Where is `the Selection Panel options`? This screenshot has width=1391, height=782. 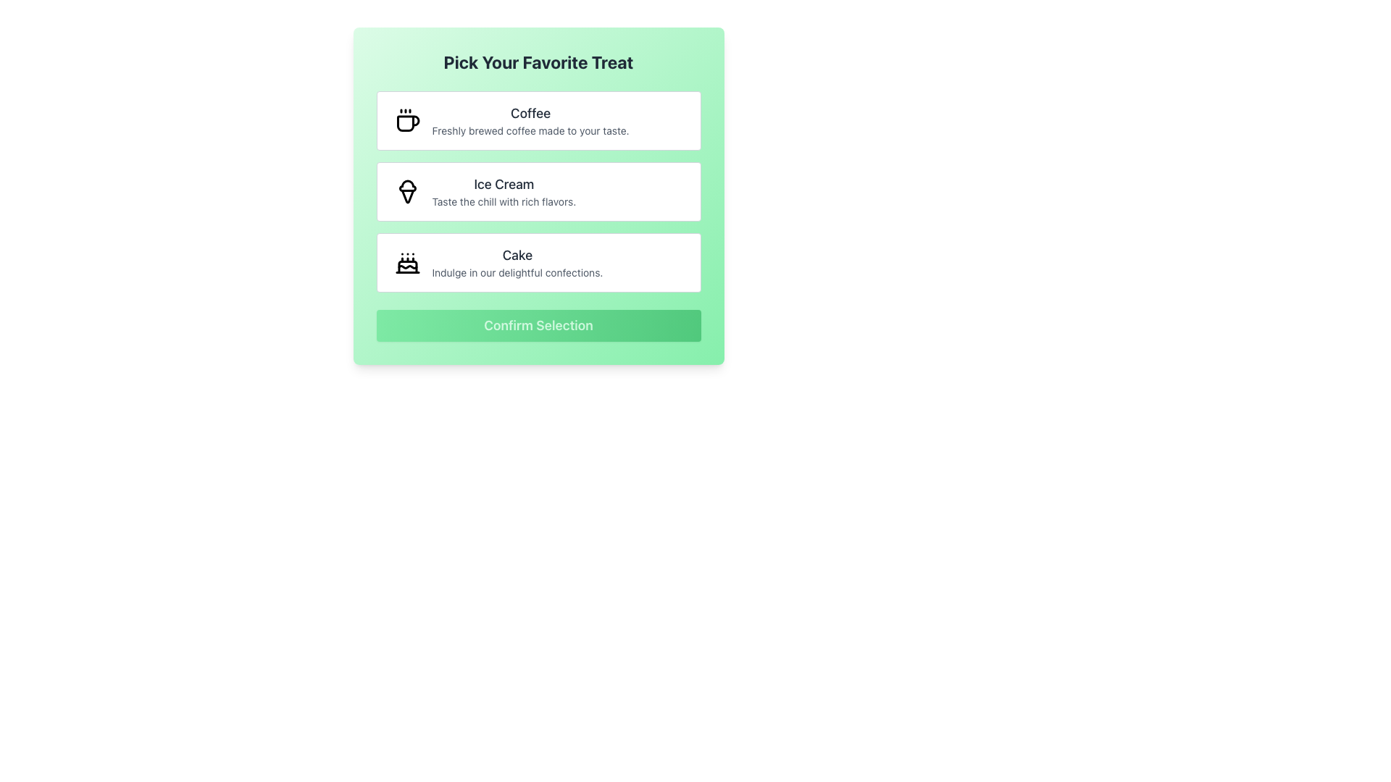
the Selection Panel options is located at coordinates (538, 191).